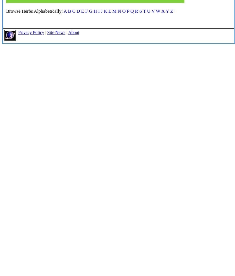 The height and width of the screenshot is (276, 235). What do you see at coordinates (34, 11) in the screenshot?
I see `'Browse Herbs Alphabetically:'` at bounding box center [34, 11].